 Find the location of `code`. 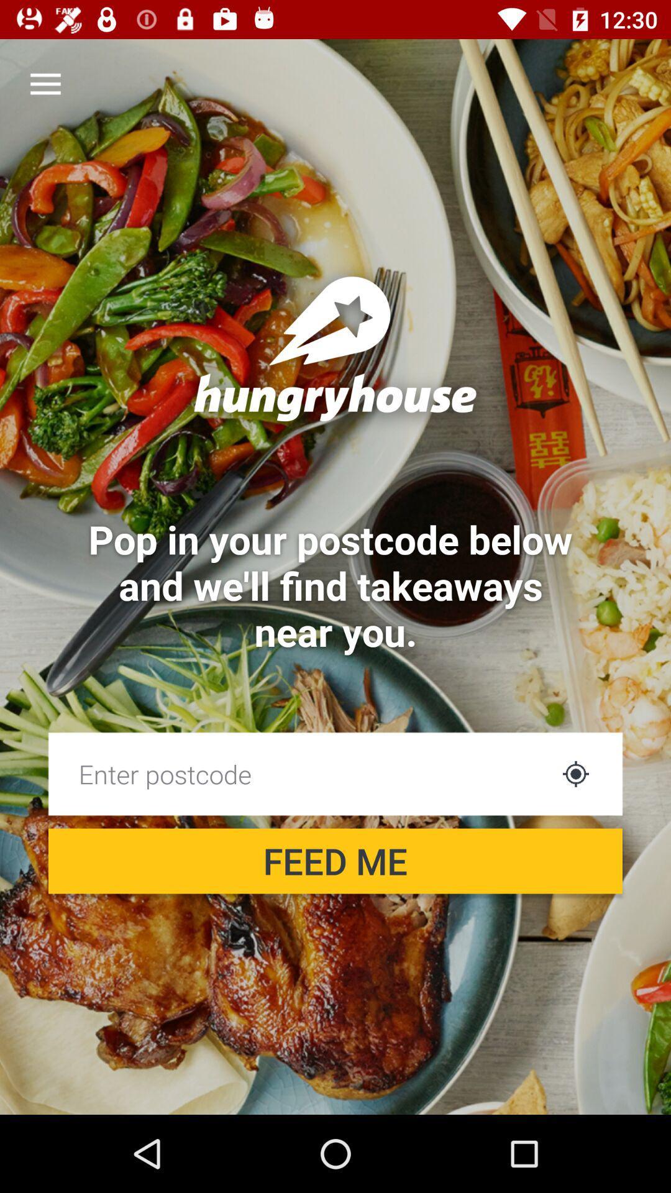

code is located at coordinates (299, 773).